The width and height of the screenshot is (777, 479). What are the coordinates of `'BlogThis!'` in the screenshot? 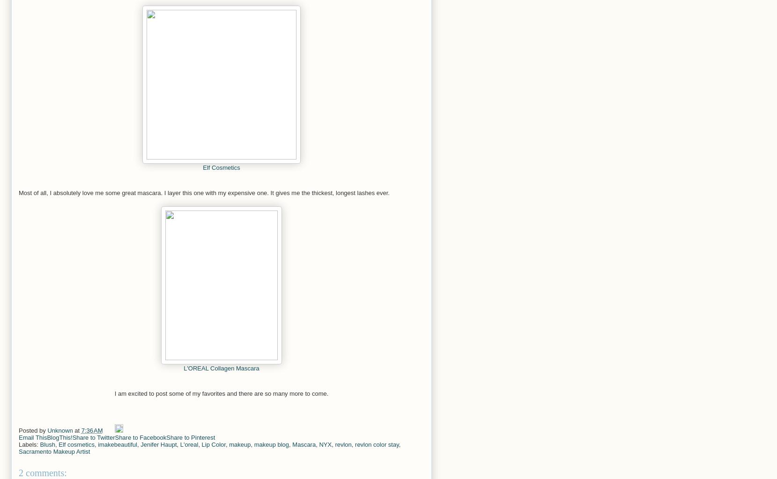 It's located at (59, 437).